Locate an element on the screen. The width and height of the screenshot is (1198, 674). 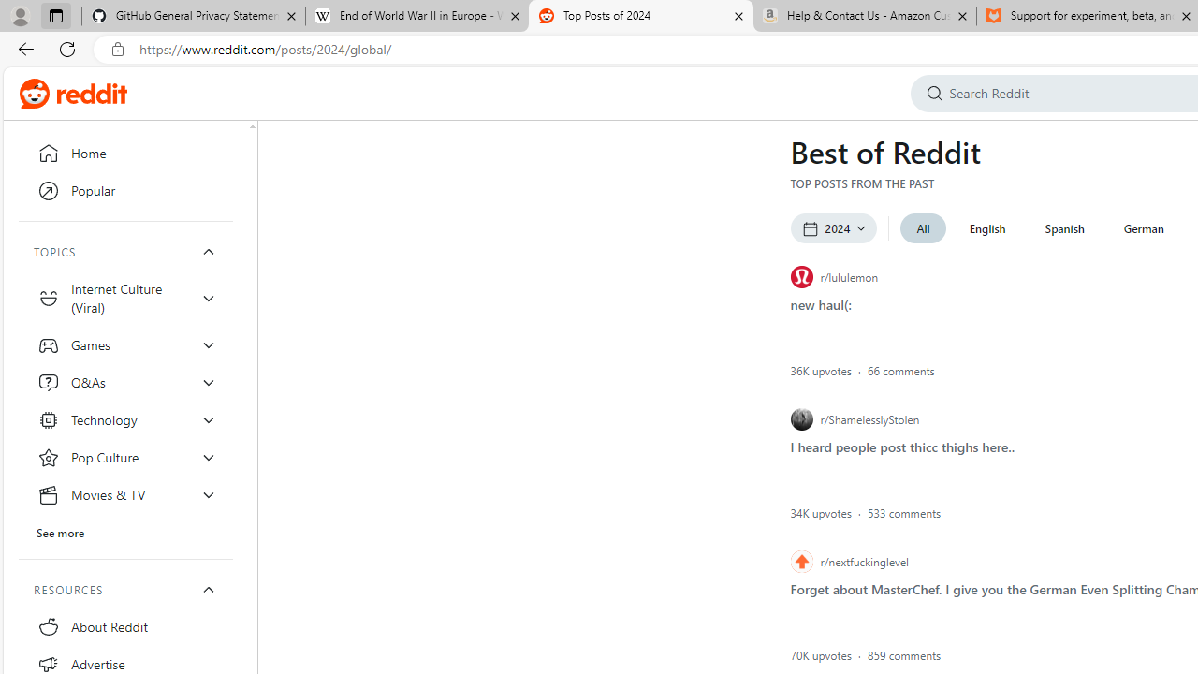
'r/lululemon icon' is located at coordinates (801, 276).